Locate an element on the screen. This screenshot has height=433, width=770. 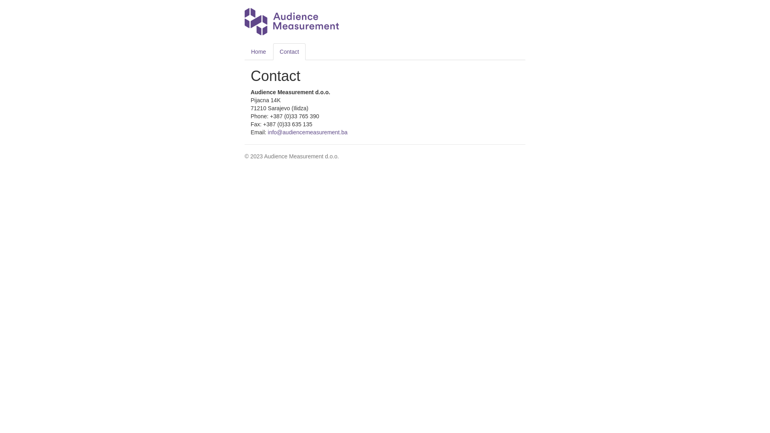
'Contact' is located at coordinates (289, 51).